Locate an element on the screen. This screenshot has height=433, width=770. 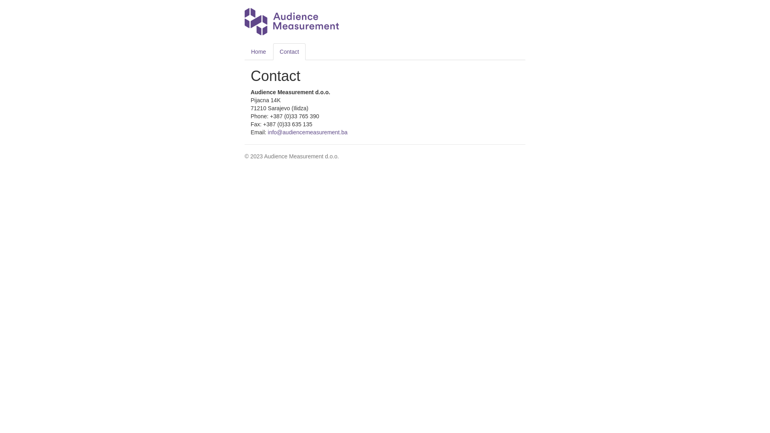
'Contact' is located at coordinates (289, 51).